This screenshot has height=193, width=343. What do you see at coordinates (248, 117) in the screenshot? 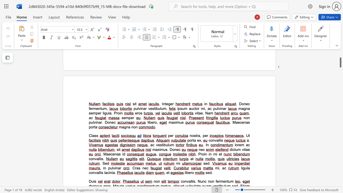
I see `the 2th character "n" in the text` at bounding box center [248, 117].